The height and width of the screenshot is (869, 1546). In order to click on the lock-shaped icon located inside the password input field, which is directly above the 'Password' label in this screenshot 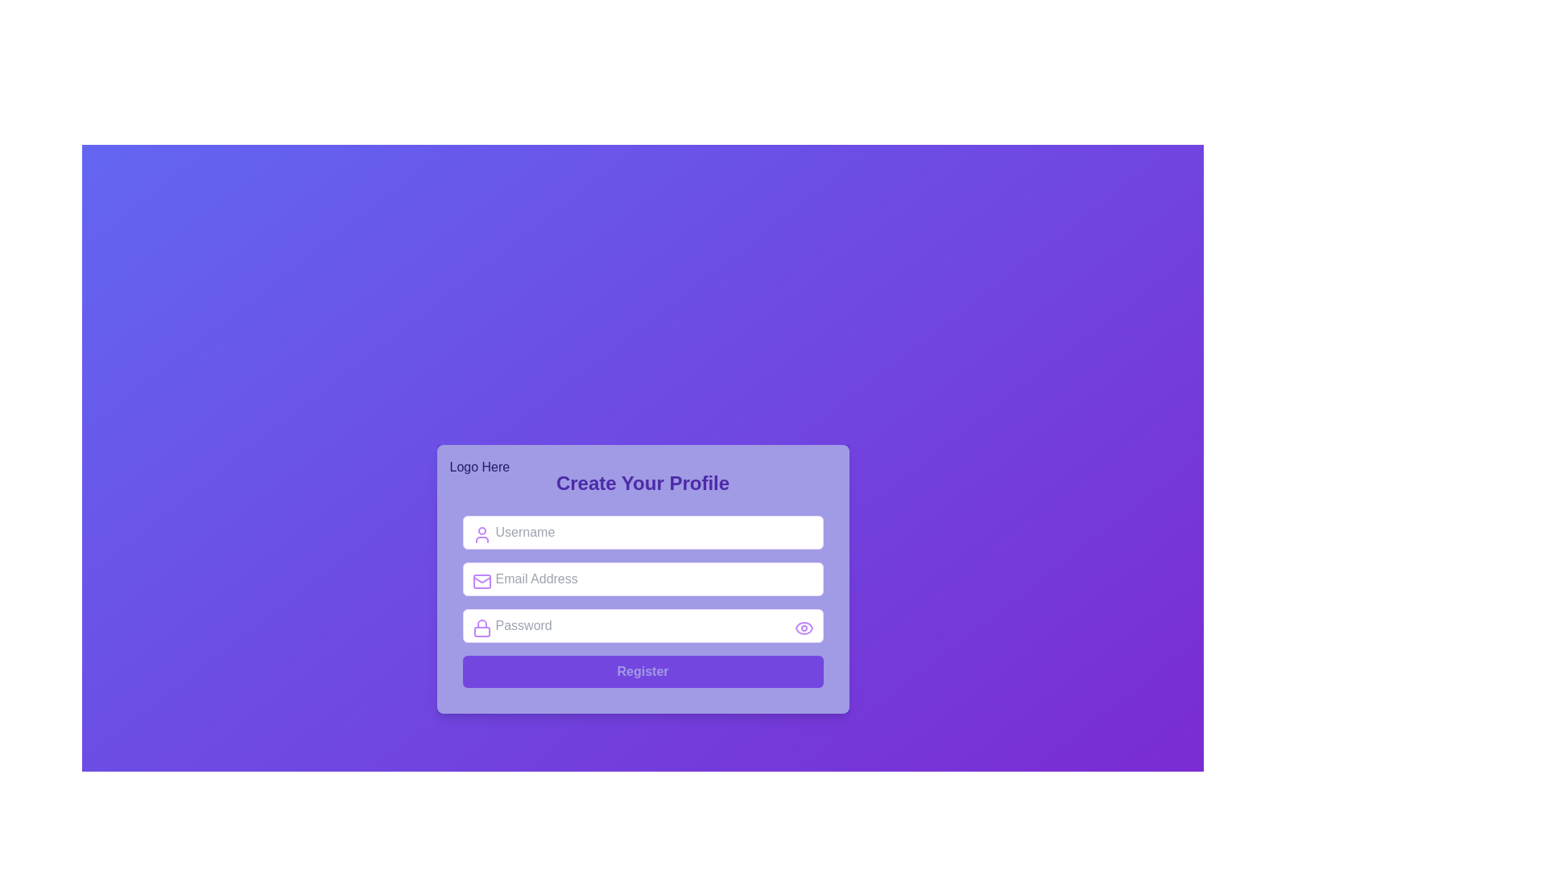, I will do `click(481, 627)`.